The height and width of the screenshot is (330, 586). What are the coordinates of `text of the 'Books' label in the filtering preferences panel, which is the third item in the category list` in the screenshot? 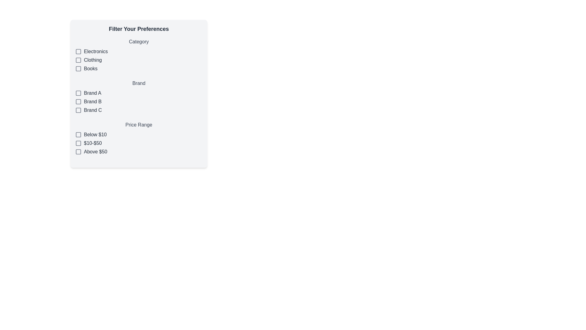 It's located at (90, 68).